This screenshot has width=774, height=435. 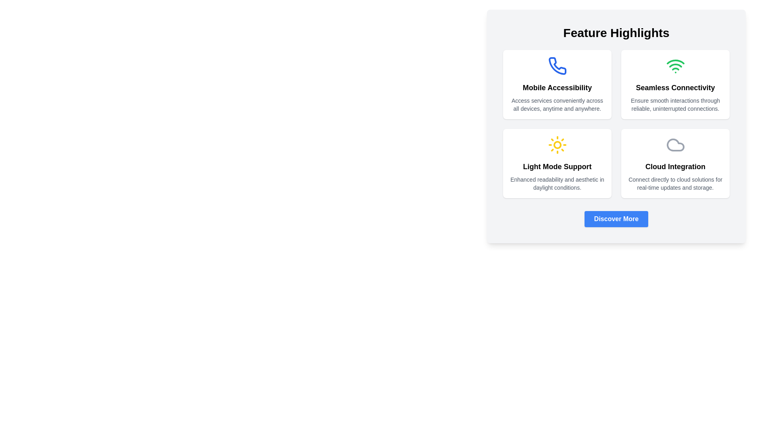 What do you see at coordinates (675, 144) in the screenshot?
I see `the cloud icon located in the bottom-right card under 'Feature Highlights' within the 'Cloud Integration' section` at bounding box center [675, 144].